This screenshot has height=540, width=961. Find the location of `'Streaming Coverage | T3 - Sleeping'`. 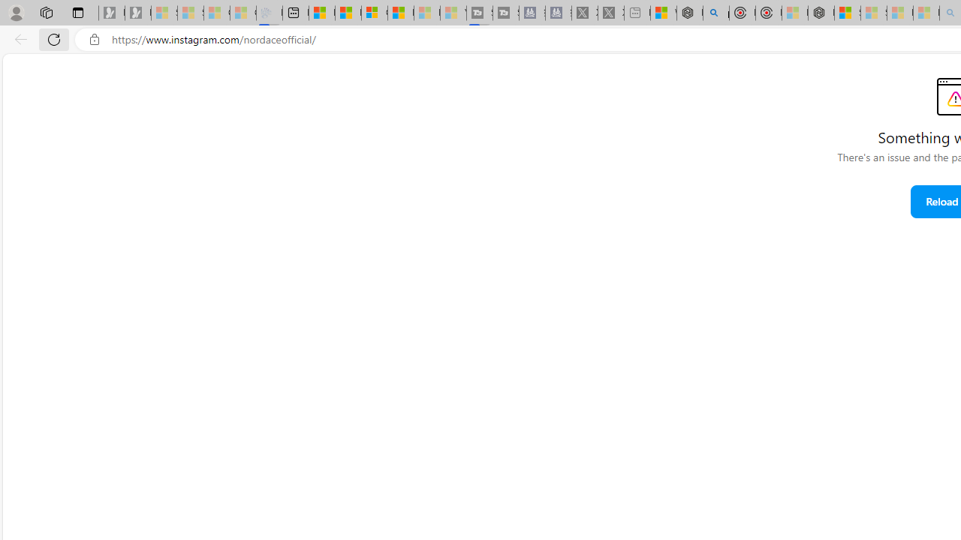

'Streaming Coverage | T3 - Sleeping' is located at coordinates (479, 13).